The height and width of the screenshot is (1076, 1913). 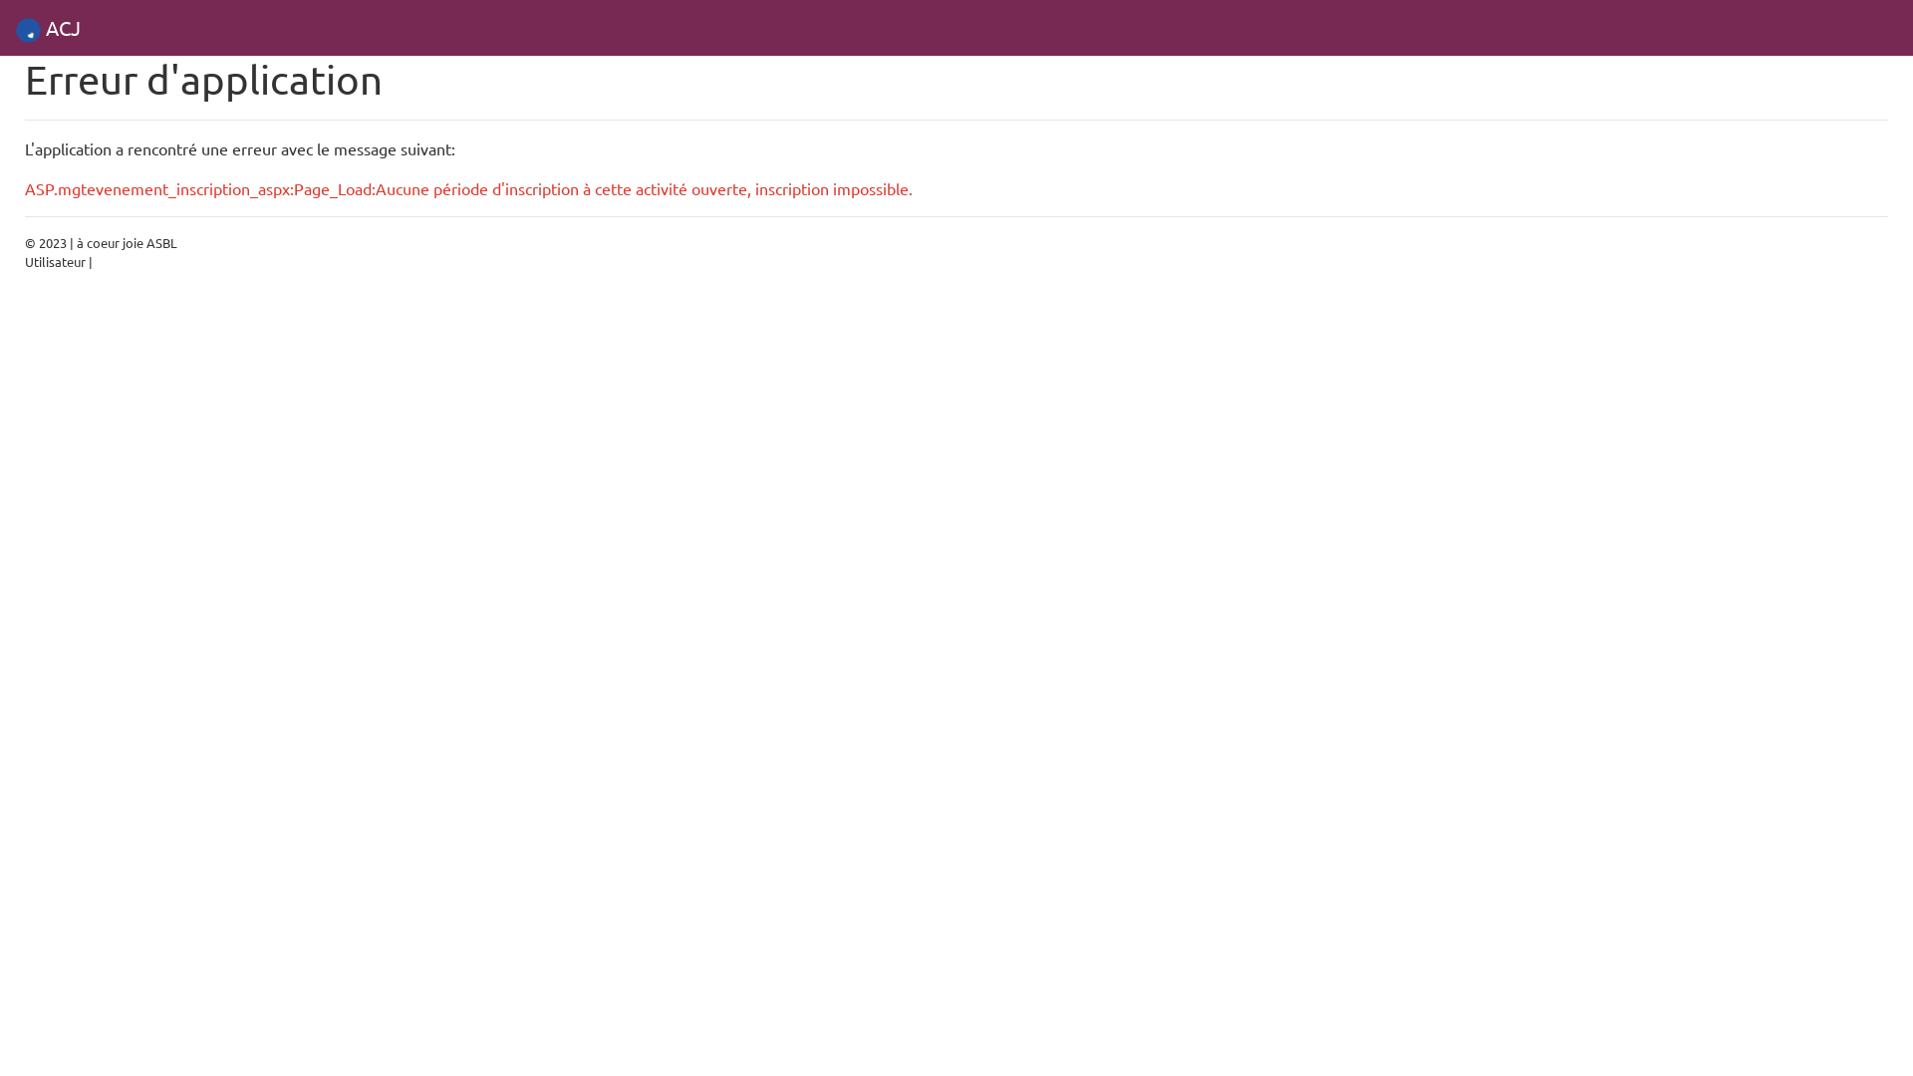 I want to click on ' ACJ', so click(x=15, y=27).